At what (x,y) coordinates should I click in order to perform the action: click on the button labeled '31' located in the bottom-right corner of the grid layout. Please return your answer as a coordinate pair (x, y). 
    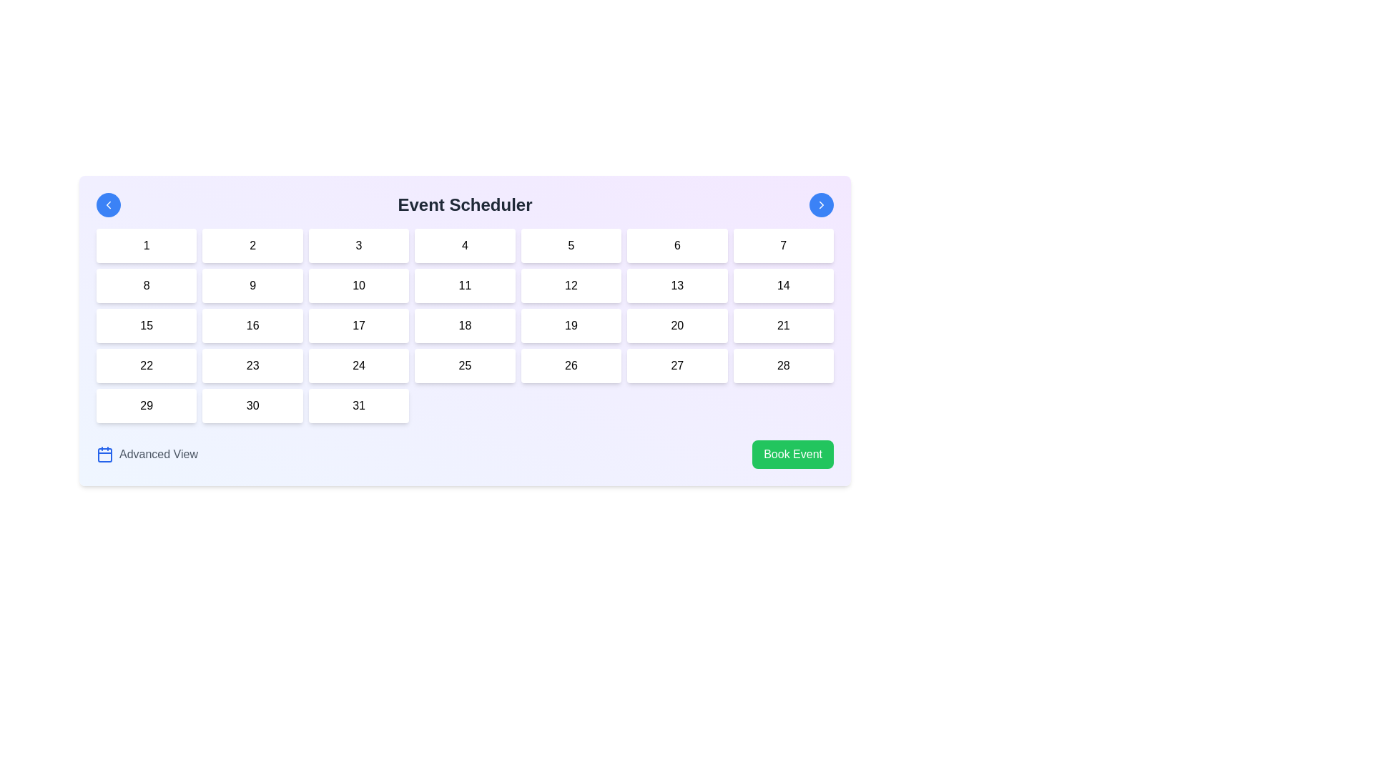
    Looking at the image, I should click on (359, 405).